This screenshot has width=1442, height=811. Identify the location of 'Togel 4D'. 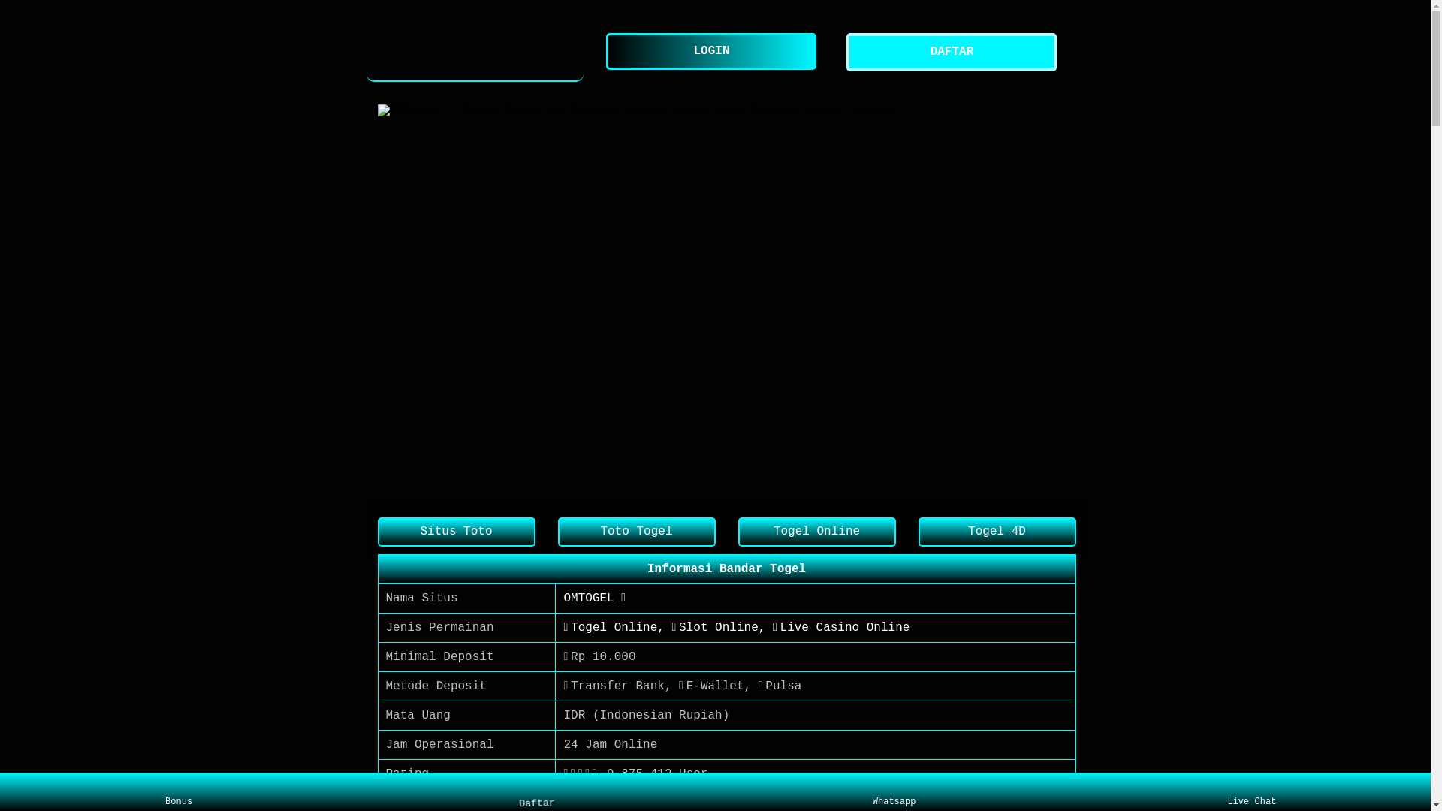
(917, 531).